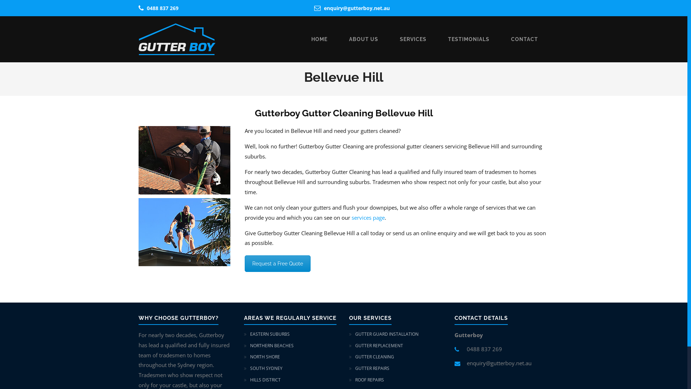 Image resolution: width=691 pixels, height=389 pixels. Describe the element at coordinates (271, 345) in the screenshot. I see `'NORTHERN BEACHES'` at that location.